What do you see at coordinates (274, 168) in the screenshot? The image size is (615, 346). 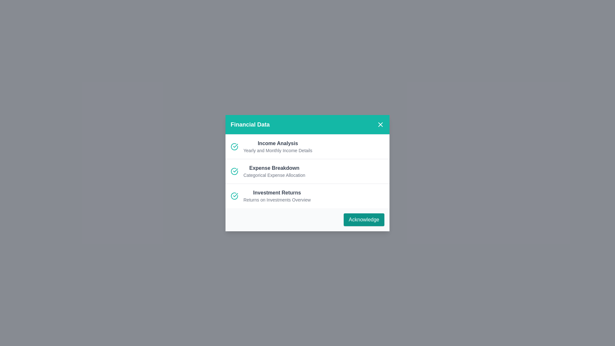 I see `the list item with title Expense Breakdown` at bounding box center [274, 168].